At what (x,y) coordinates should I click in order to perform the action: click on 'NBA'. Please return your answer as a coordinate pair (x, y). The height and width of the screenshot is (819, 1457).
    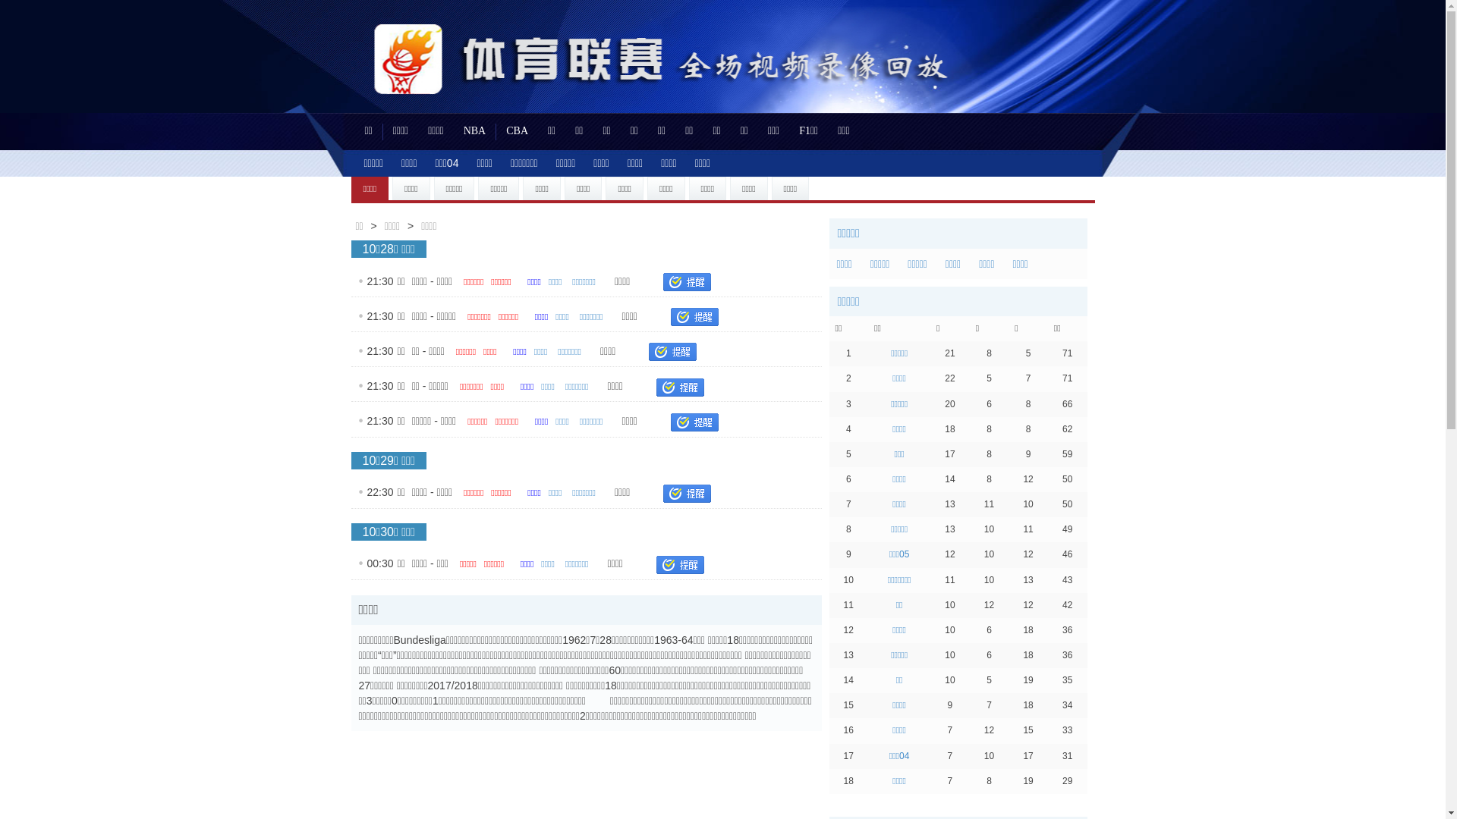
    Looking at the image, I should click on (474, 130).